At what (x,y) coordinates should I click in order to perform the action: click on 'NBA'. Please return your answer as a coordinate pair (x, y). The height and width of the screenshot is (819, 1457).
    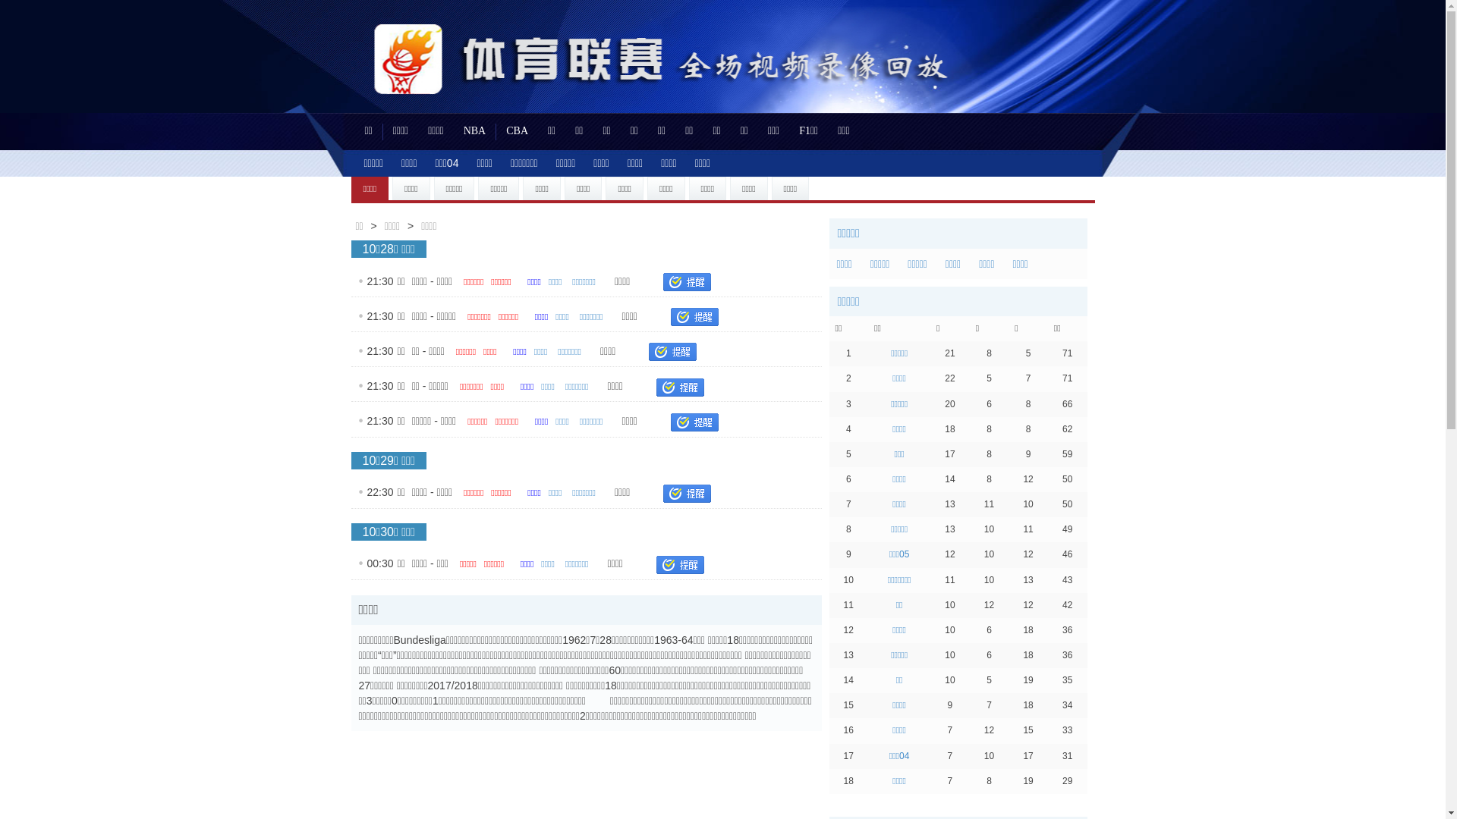
    Looking at the image, I should click on (474, 130).